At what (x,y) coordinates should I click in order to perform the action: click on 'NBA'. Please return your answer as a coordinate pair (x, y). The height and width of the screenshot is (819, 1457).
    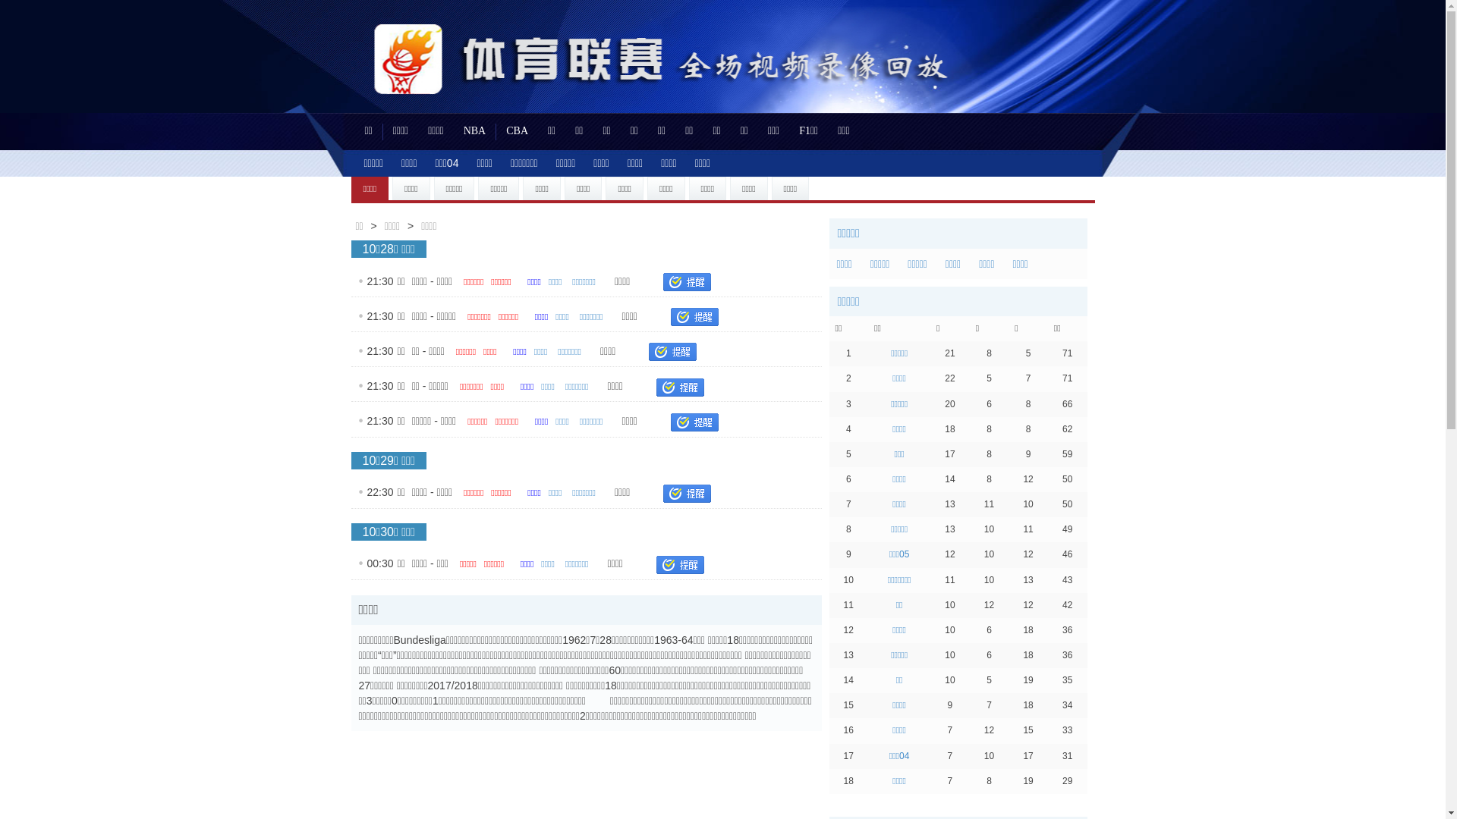
    Looking at the image, I should click on (474, 130).